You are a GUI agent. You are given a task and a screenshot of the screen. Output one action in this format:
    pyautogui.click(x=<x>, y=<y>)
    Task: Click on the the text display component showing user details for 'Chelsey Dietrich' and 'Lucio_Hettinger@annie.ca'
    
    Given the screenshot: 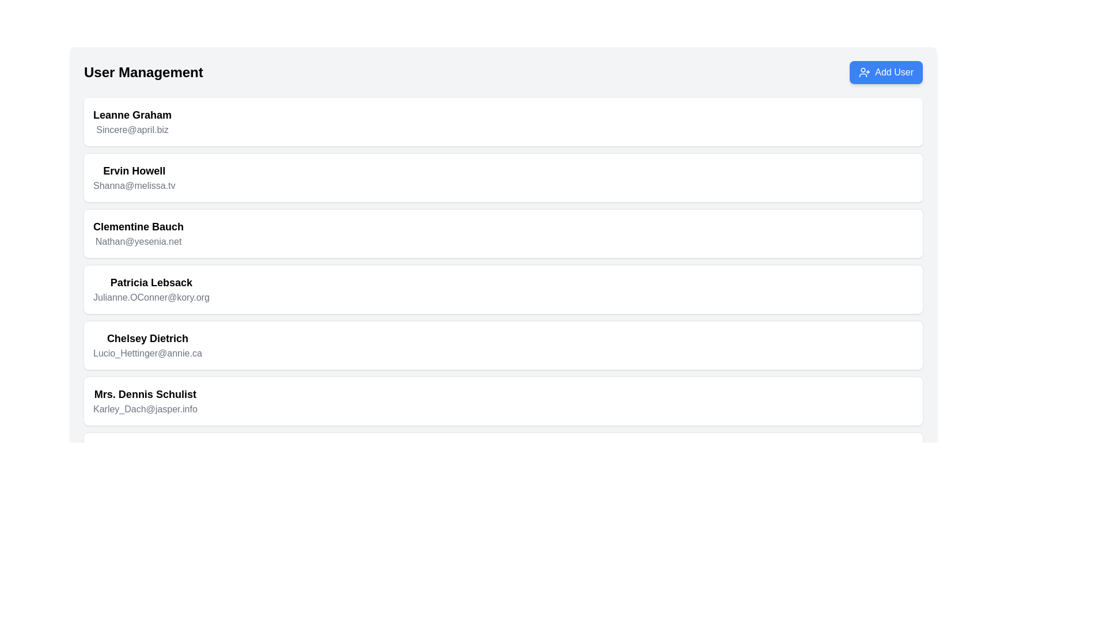 What is the action you would take?
    pyautogui.click(x=147, y=345)
    